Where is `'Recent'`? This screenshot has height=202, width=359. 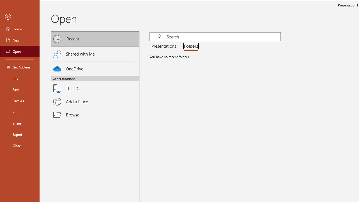
'Recent' is located at coordinates (95, 39).